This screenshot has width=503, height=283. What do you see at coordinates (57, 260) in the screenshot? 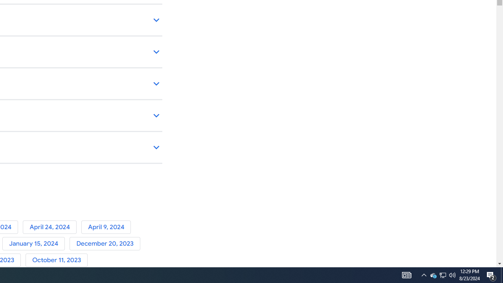
I see `'October 11, 2023'` at bounding box center [57, 260].